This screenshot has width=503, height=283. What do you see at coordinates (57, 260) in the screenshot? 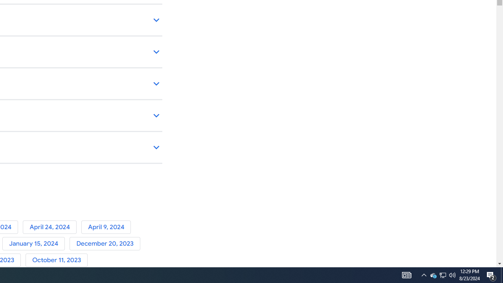
I see `'October 11, 2023'` at bounding box center [57, 260].